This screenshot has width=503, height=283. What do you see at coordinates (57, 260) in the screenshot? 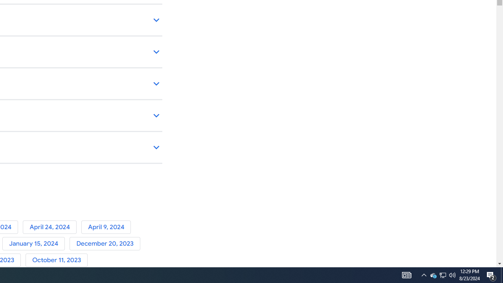
I see `'October 11, 2023'` at bounding box center [57, 260].